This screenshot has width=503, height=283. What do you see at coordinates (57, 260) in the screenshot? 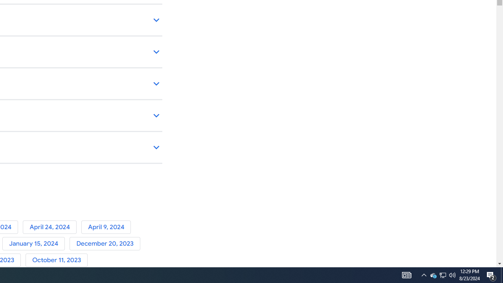
I see `'October 11, 2023'` at bounding box center [57, 260].